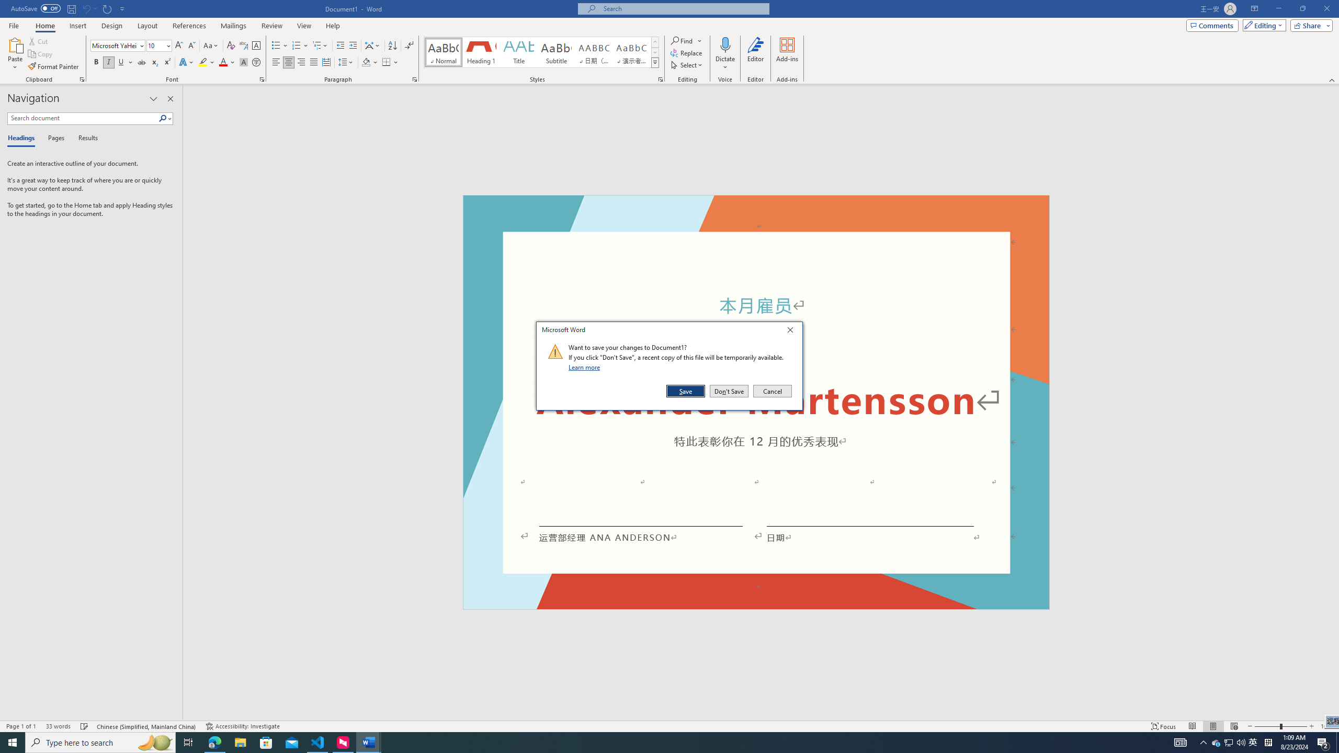 The image size is (1339, 753). Describe the element at coordinates (21, 726) in the screenshot. I see `'Page Number Page 1 of 1'` at that location.